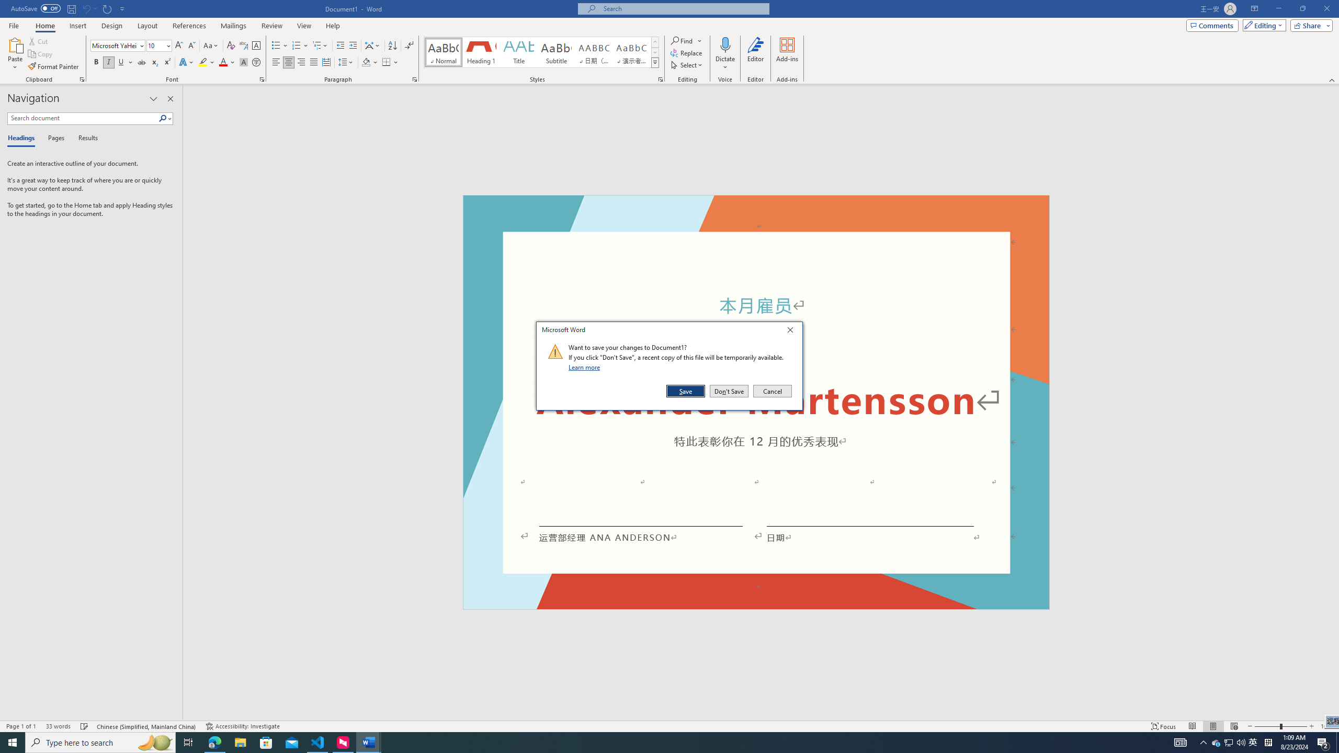 The image size is (1339, 753). Describe the element at coordinates (21, 726) in the screenshot. I see `'Page Number Page 1 of 1'` at that location.